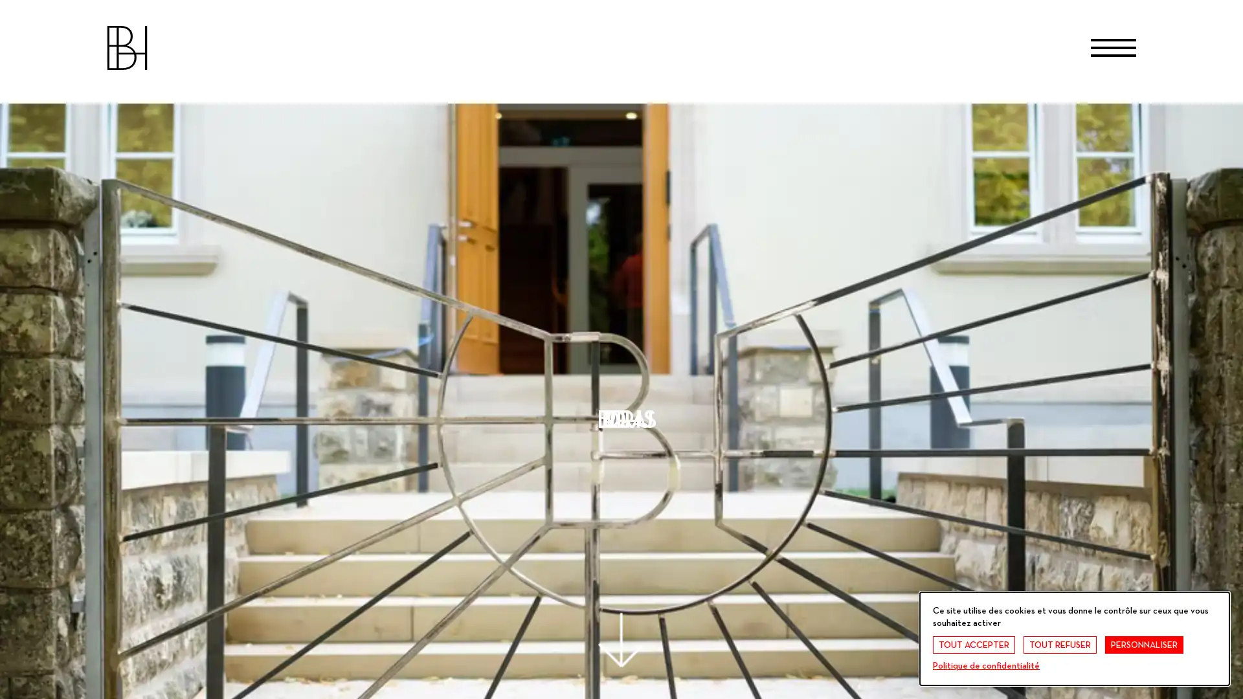 The height and width of the screenshot is (699, 1243). What do you see at coordinates (1144, 645) in the screenshot?
I see `PERSONNALISER` at bounding box center [1144, 645].